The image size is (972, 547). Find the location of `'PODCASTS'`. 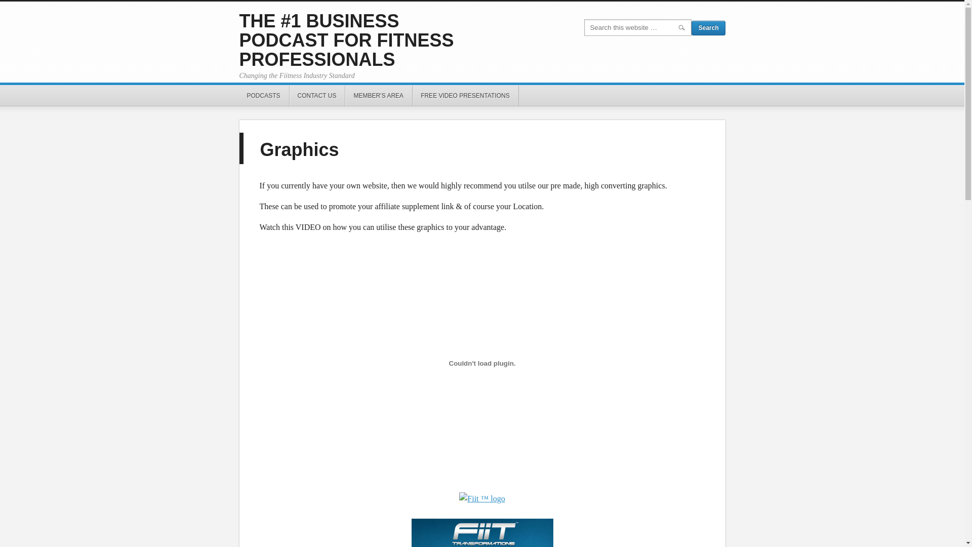

'PODCASTS' is located at coordinates (264, 96).